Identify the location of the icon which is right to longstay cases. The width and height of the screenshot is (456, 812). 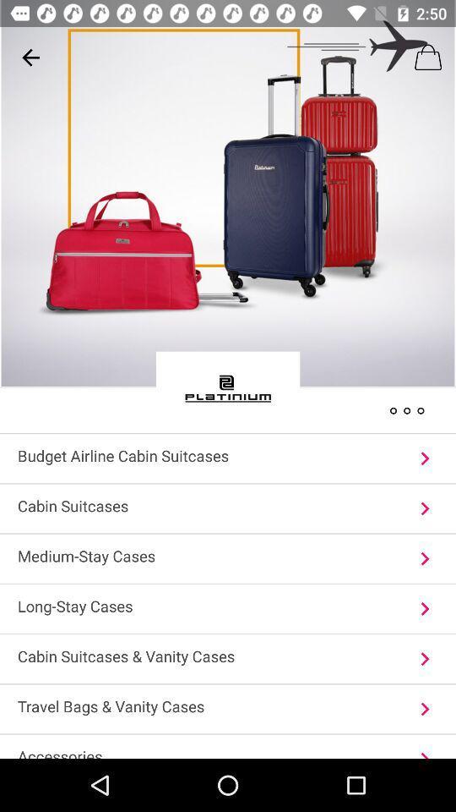
(424, 609).